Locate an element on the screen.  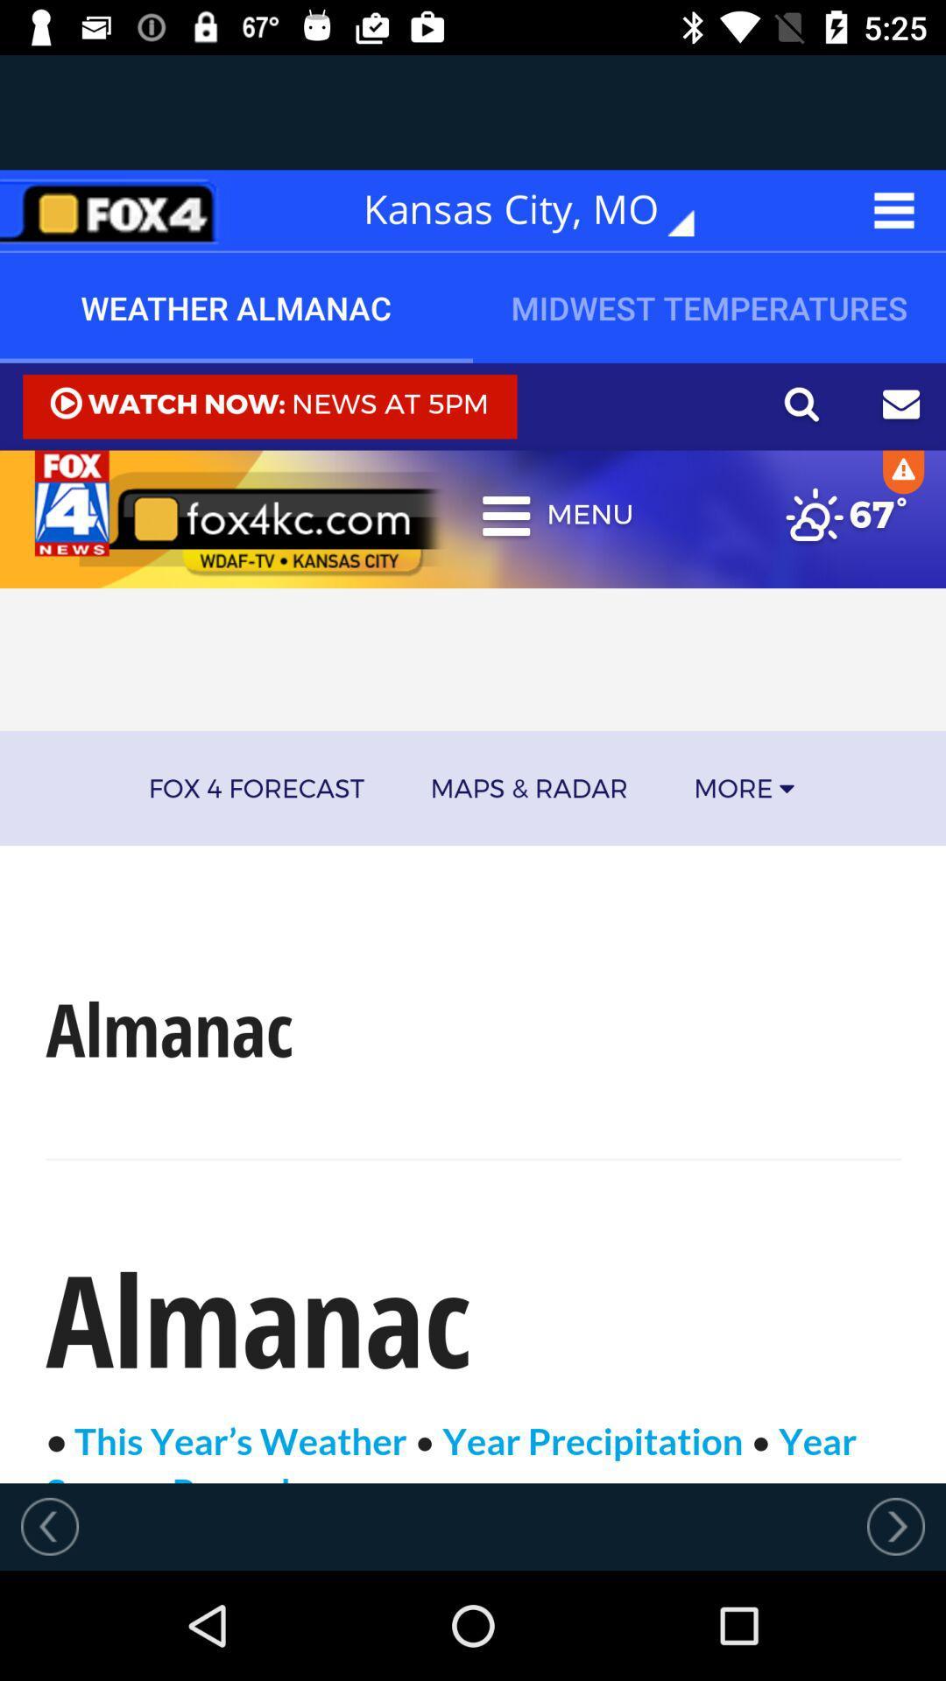
open the weather article is located at coordinates (473, 922).